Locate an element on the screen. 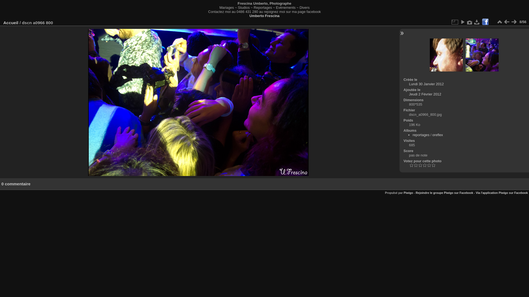 The width and height of the screenshot is (529, 297). 'Umberto Frescina' is located at coordinates (249, 15).